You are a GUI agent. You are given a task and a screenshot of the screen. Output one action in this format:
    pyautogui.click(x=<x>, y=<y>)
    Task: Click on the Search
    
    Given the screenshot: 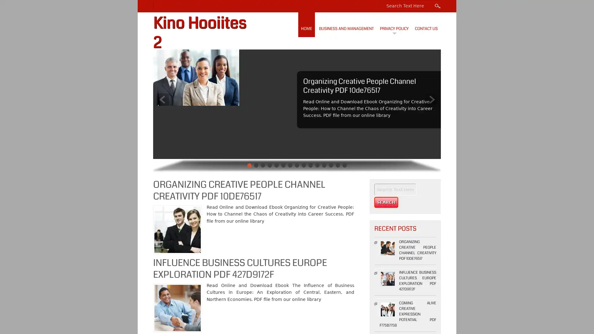 What is the action you would take?
    pyautogui.click(x=386, y=202)
    